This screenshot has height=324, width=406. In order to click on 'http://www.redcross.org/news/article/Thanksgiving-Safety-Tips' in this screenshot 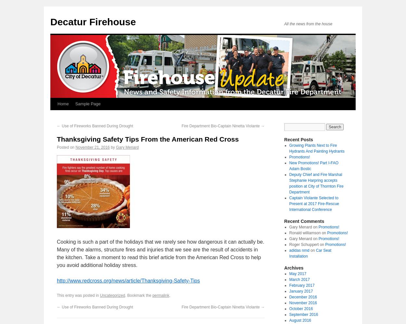, I will do `click(128, 280)`.